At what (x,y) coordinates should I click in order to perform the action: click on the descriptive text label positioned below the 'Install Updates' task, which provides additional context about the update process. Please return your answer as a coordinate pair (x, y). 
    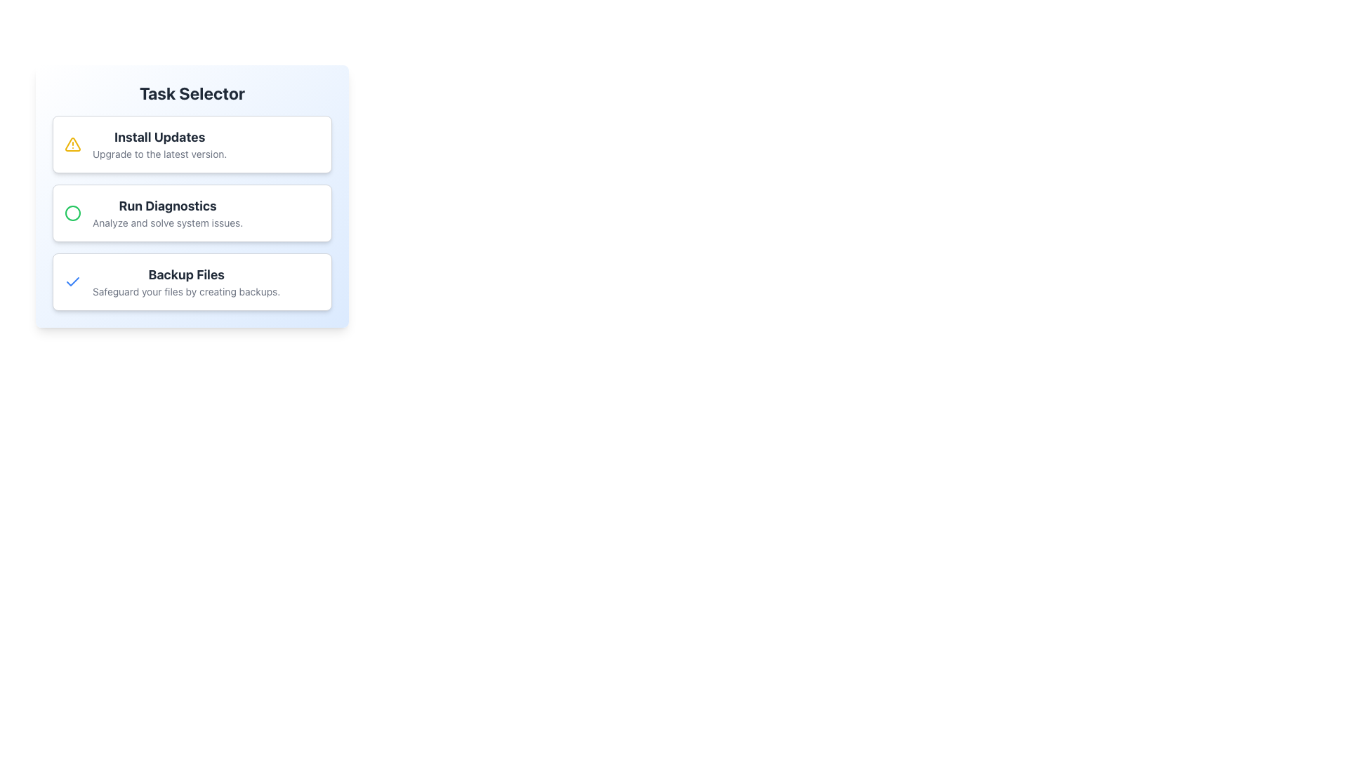
    Looking at the image, I should click on (159, 154).